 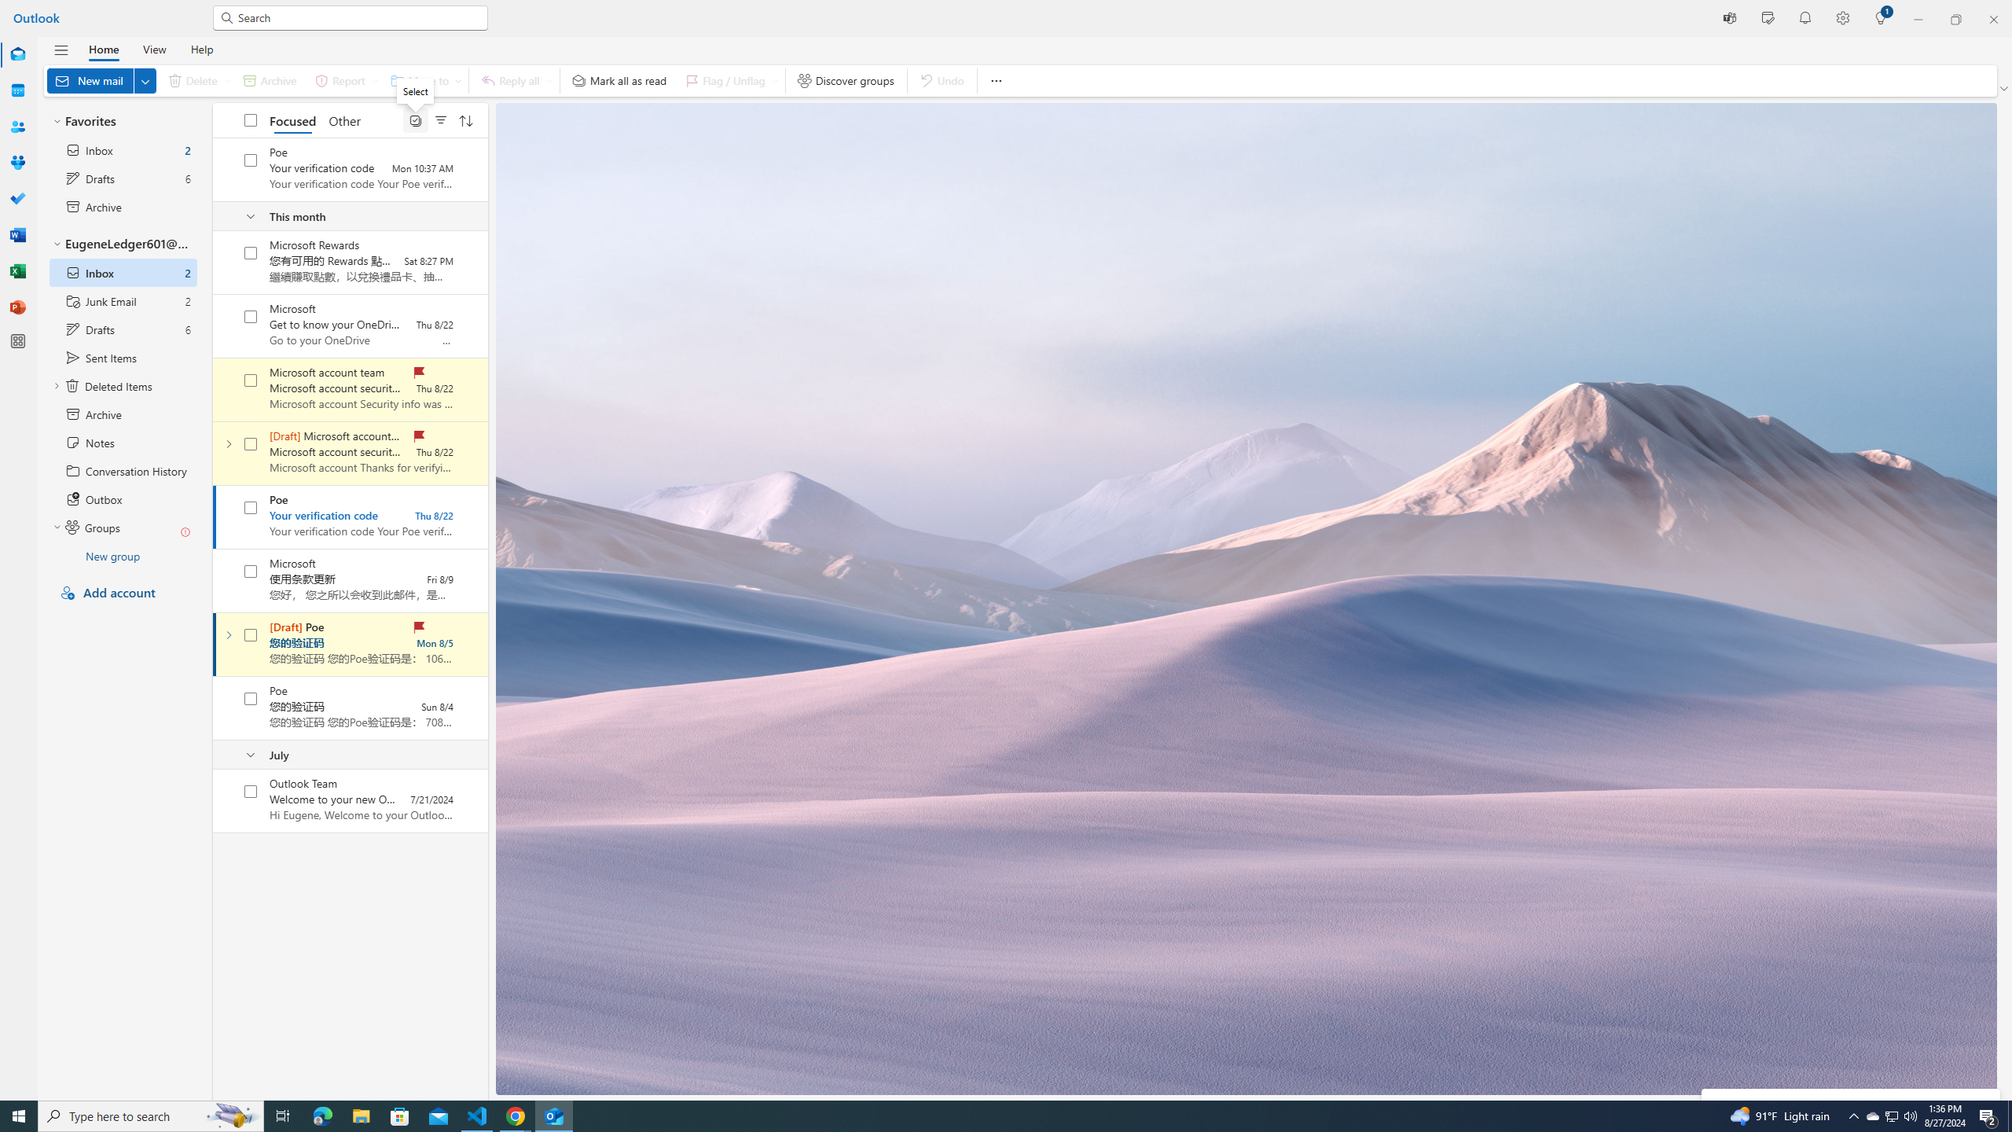 I want to click on 'New mail', so click(x=101, y=80).